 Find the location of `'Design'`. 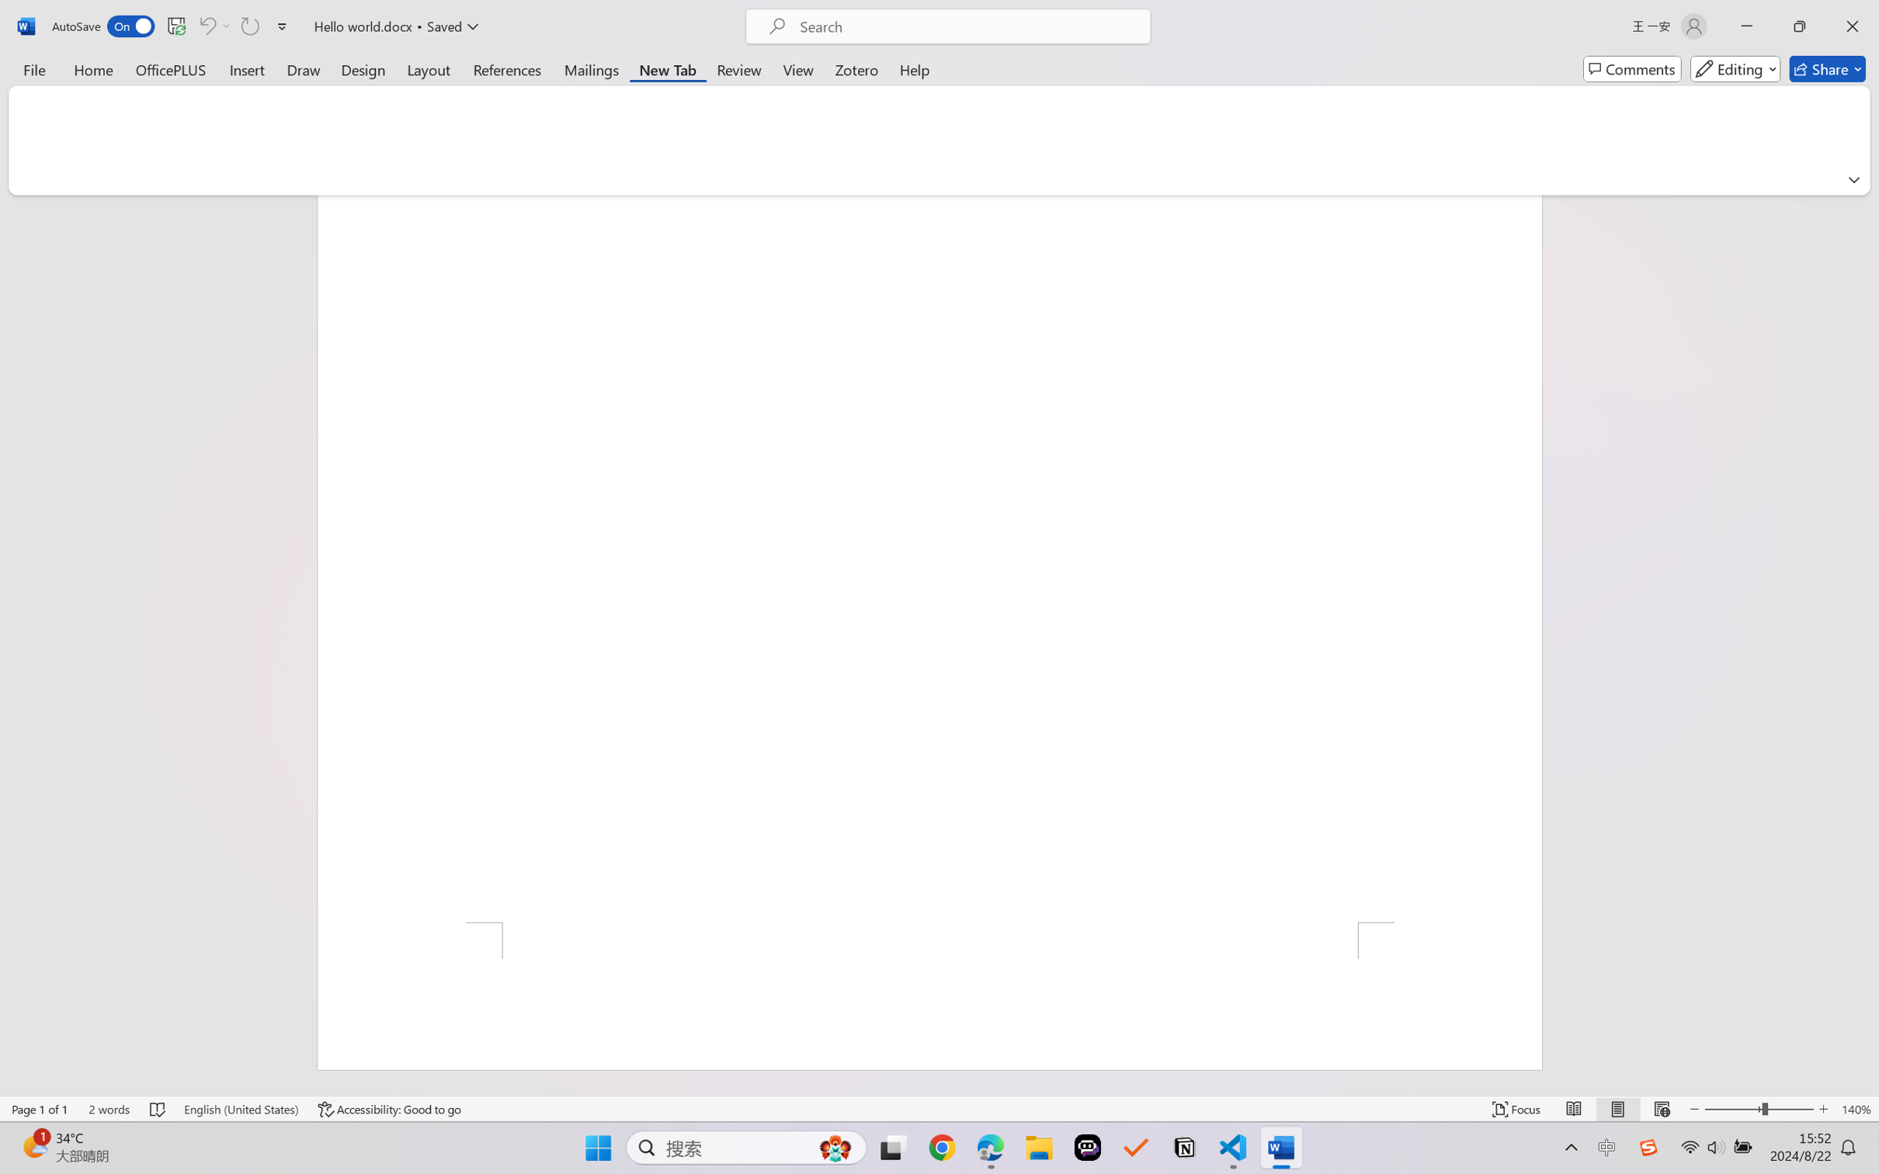

'Design' is located at coordinates (363, 68).